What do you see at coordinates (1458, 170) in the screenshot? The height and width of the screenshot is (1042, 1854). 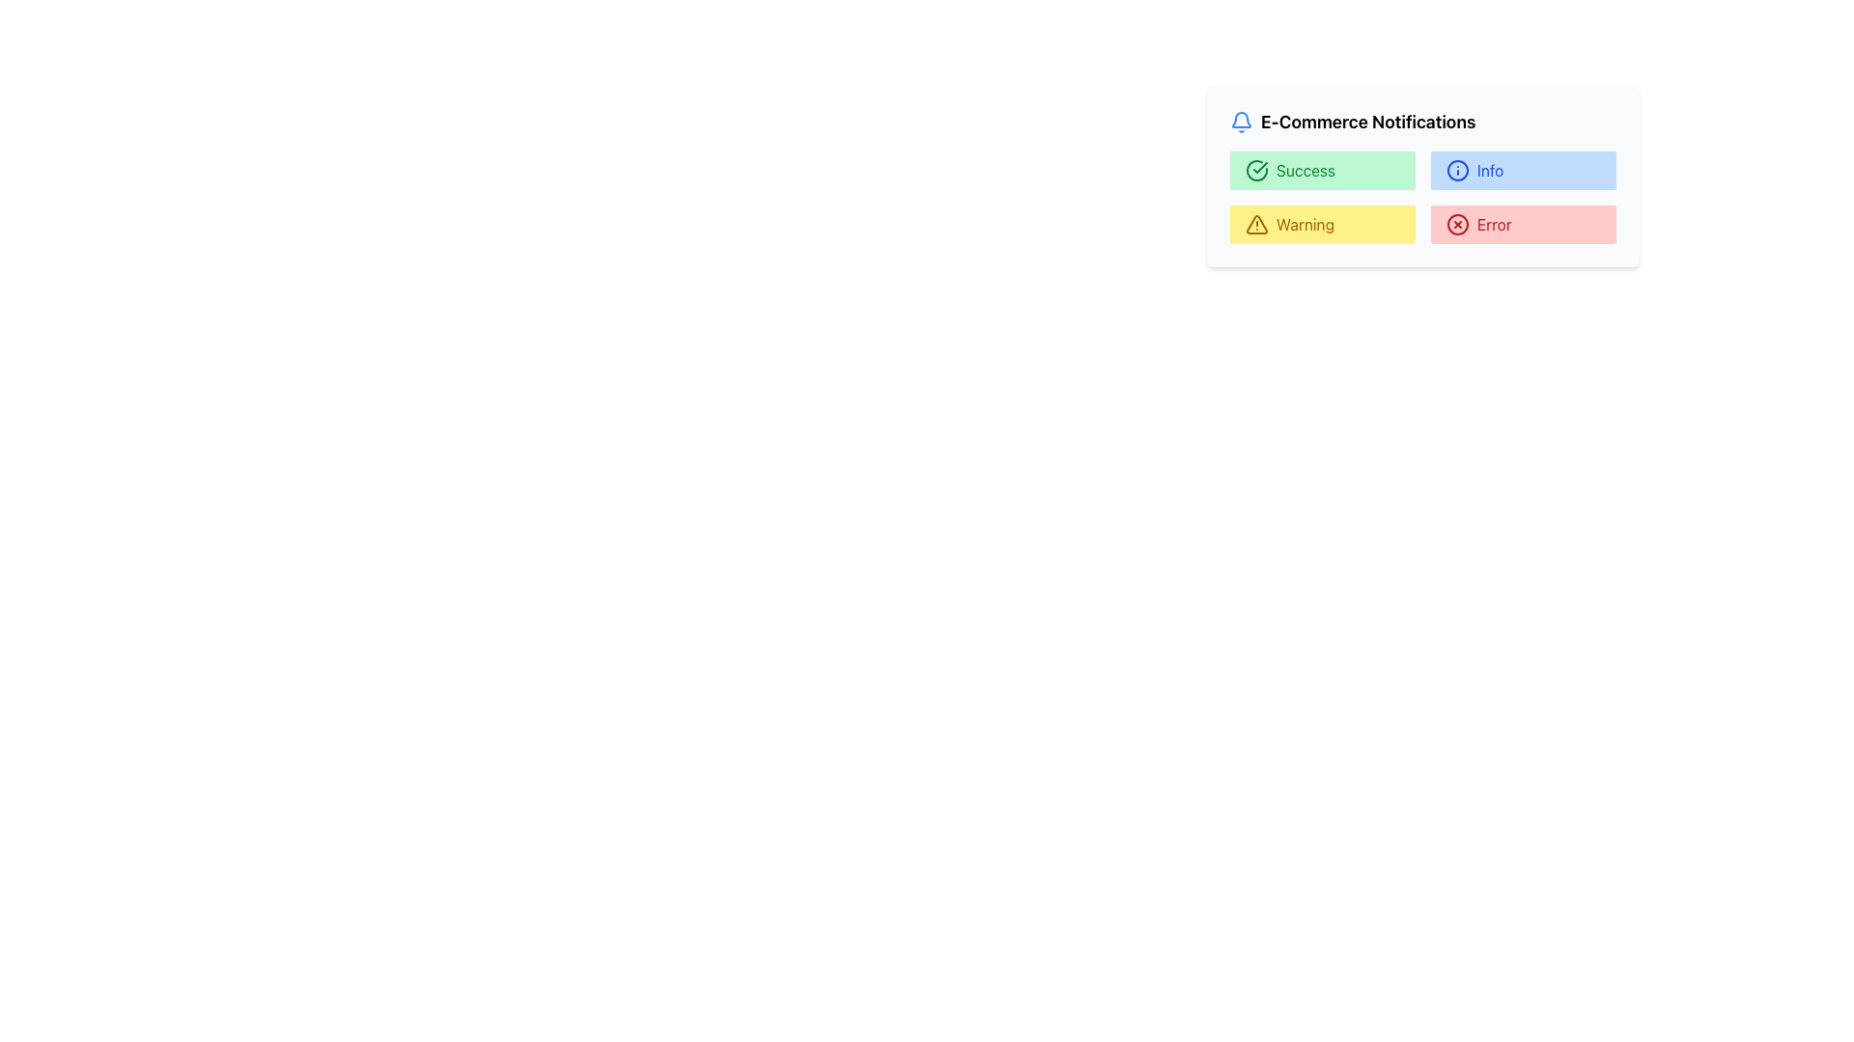 I see `the graphical representation of the decorative icon for the 'Info' button, which is positioned to the left of the text label 'Info'` at bounding box center [1458, 170].